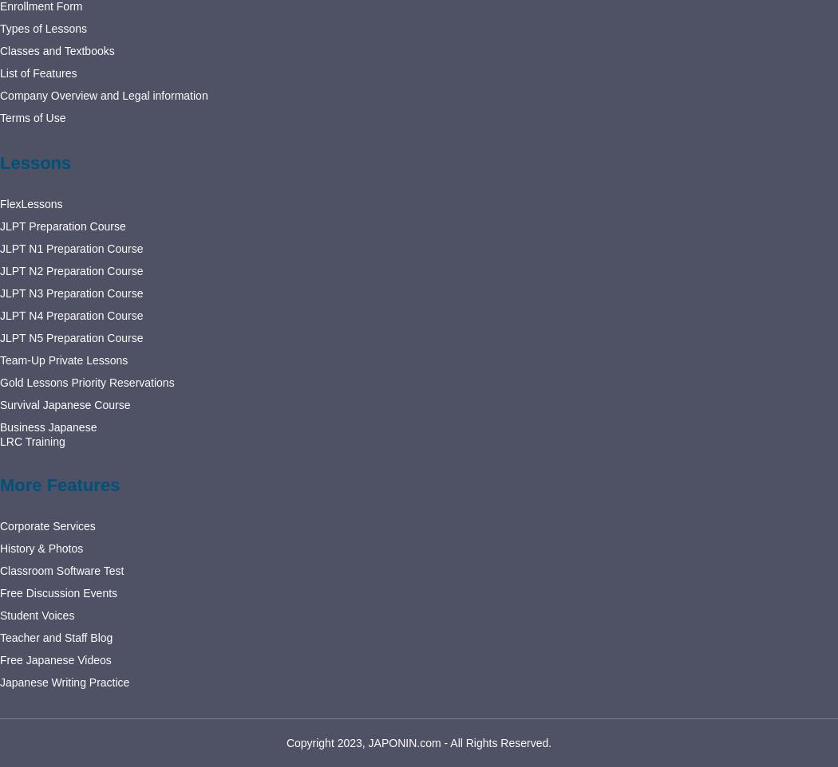  What do you see at coordinates (0, 427) in the screenshot?
I see `'Business Japanese'` at bounding box center [0, 427].